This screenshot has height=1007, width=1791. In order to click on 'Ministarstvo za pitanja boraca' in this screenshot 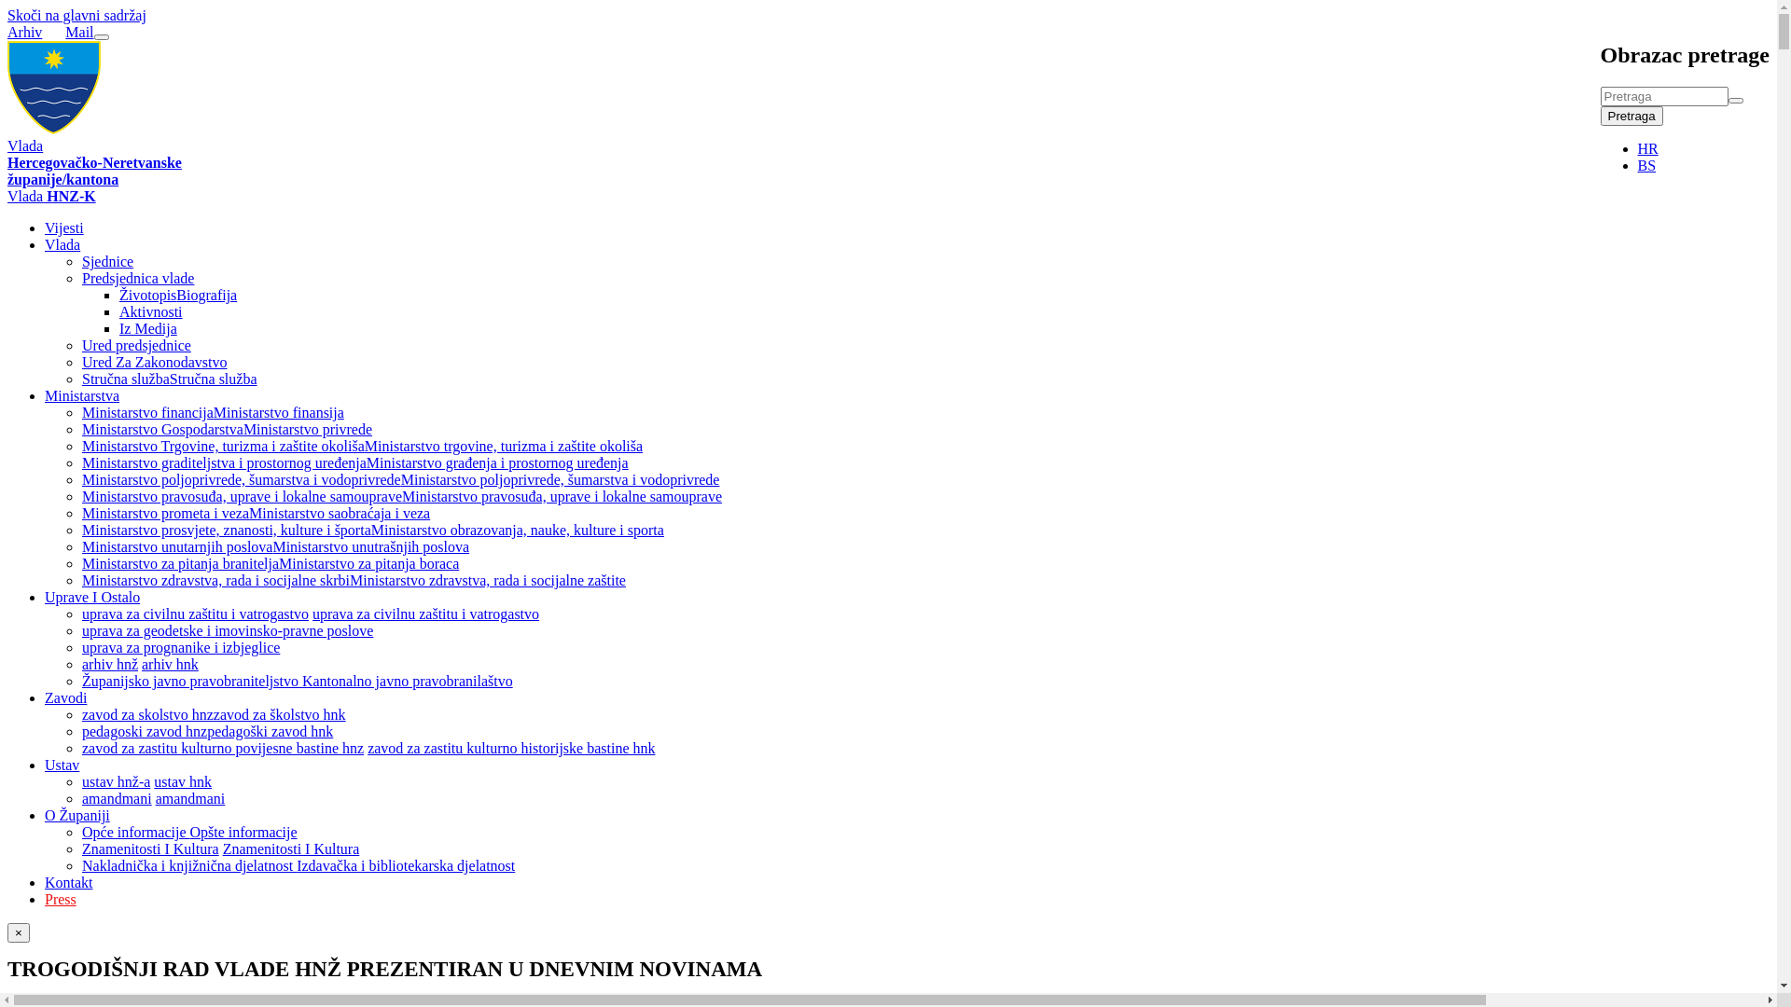, I will do `click(368, 562)`.